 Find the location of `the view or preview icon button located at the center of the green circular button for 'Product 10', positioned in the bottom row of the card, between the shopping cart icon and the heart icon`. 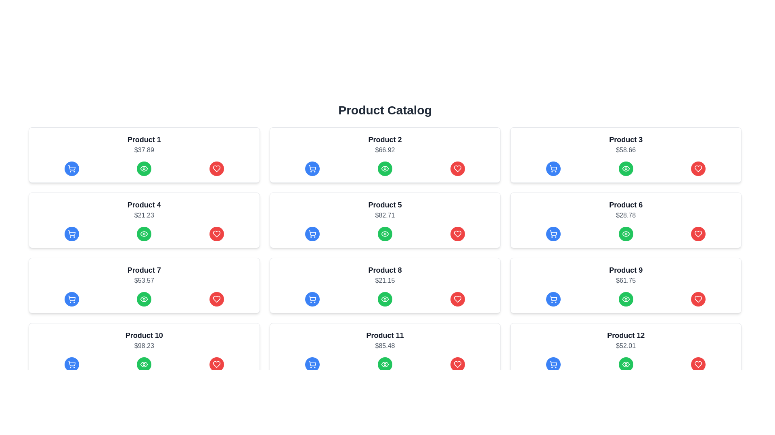

the view or preview icon button located at the center of the green circular button for 'Product 10', positioned in the bottom row of the card, between the shopping cart icon and the heart icon is located at coordinates (144, 365).